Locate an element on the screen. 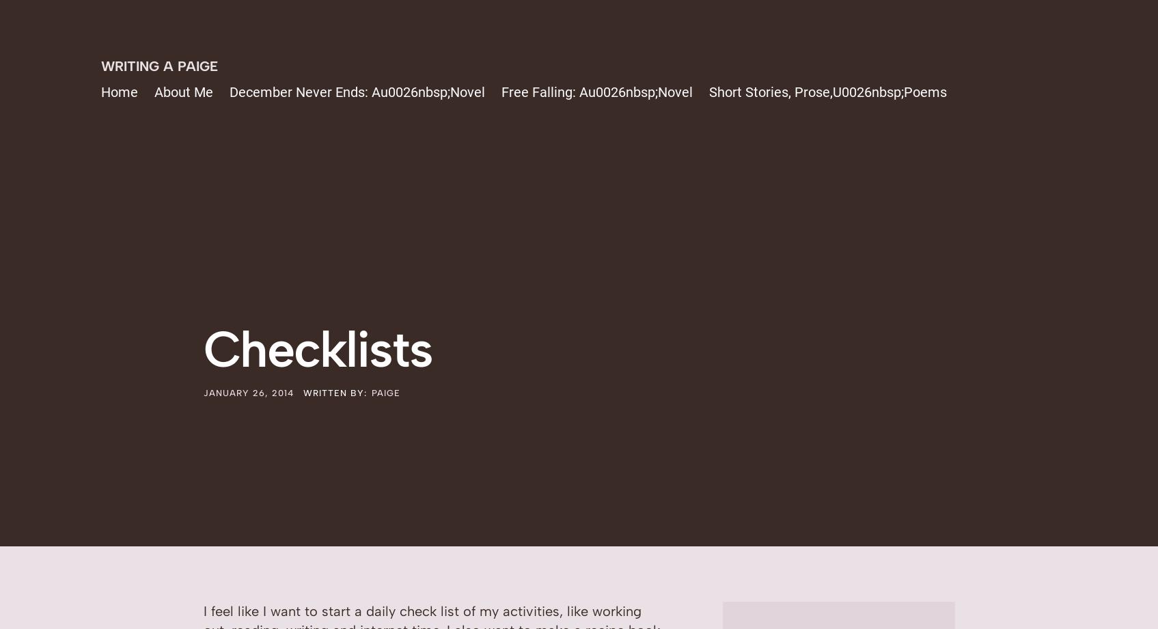 Image resolution: width=1158 pixels, height=629 pixels. 'Short Stories, Prose,u0026nbsp;Poems' is located at coordinates (708, 92).